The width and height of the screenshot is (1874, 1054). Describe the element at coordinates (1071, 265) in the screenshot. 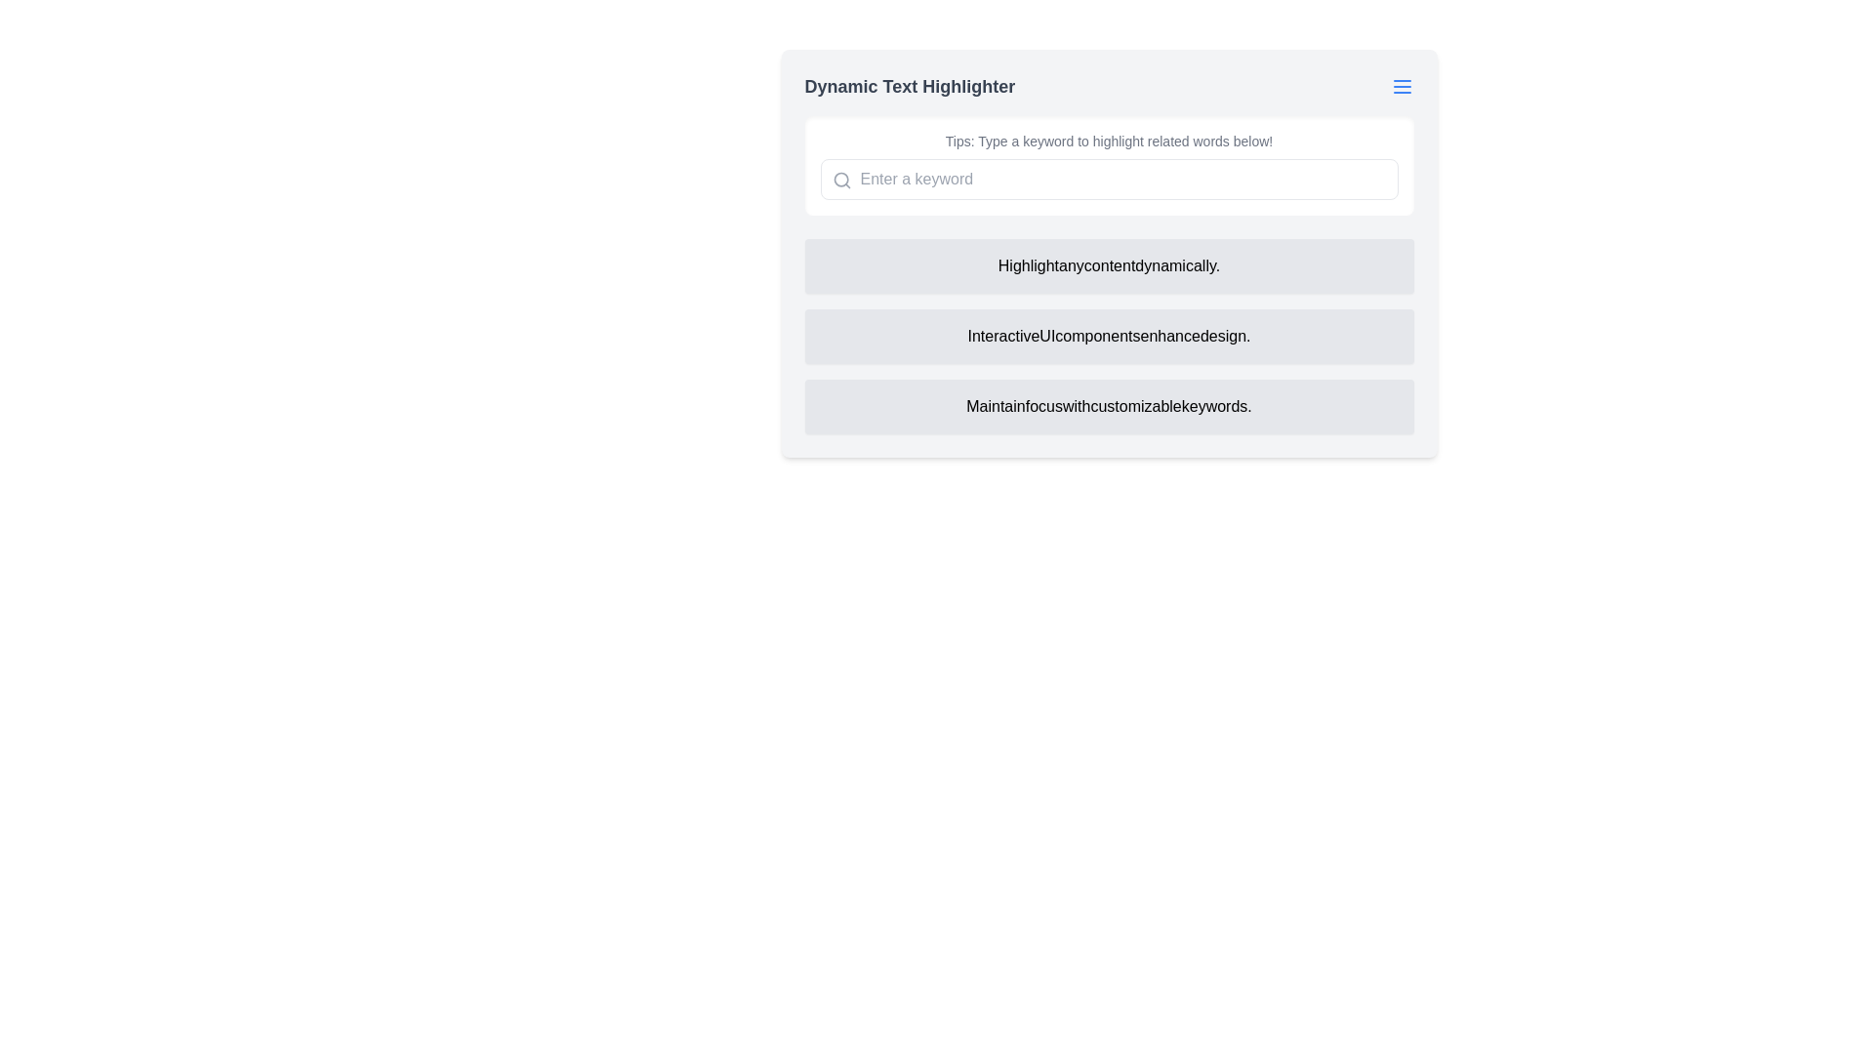

I see `the text element 'any' which is part of the sentence 'Highlight any content dynamically.' positioned in the second row of the component layout` at that location.